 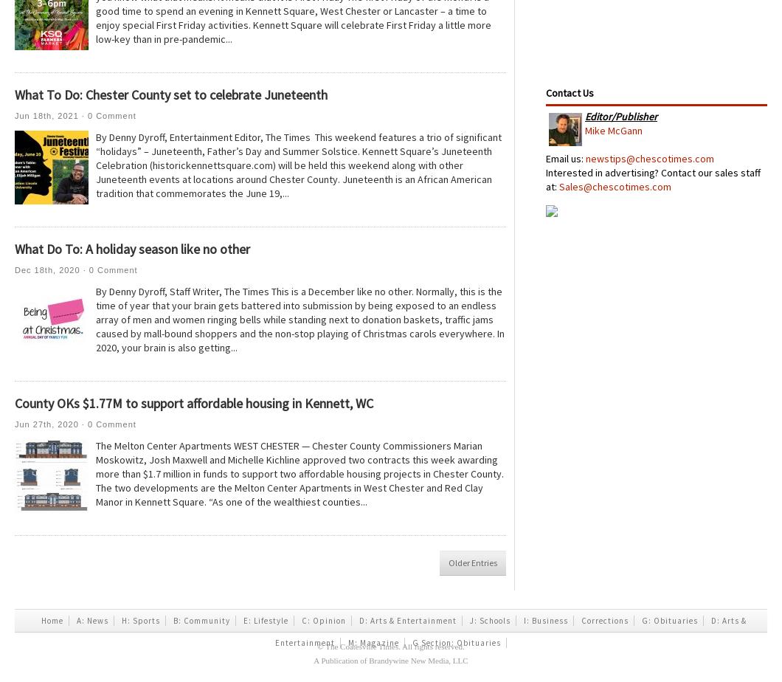 I want to click on 'Home', so click(x=51, y=621).